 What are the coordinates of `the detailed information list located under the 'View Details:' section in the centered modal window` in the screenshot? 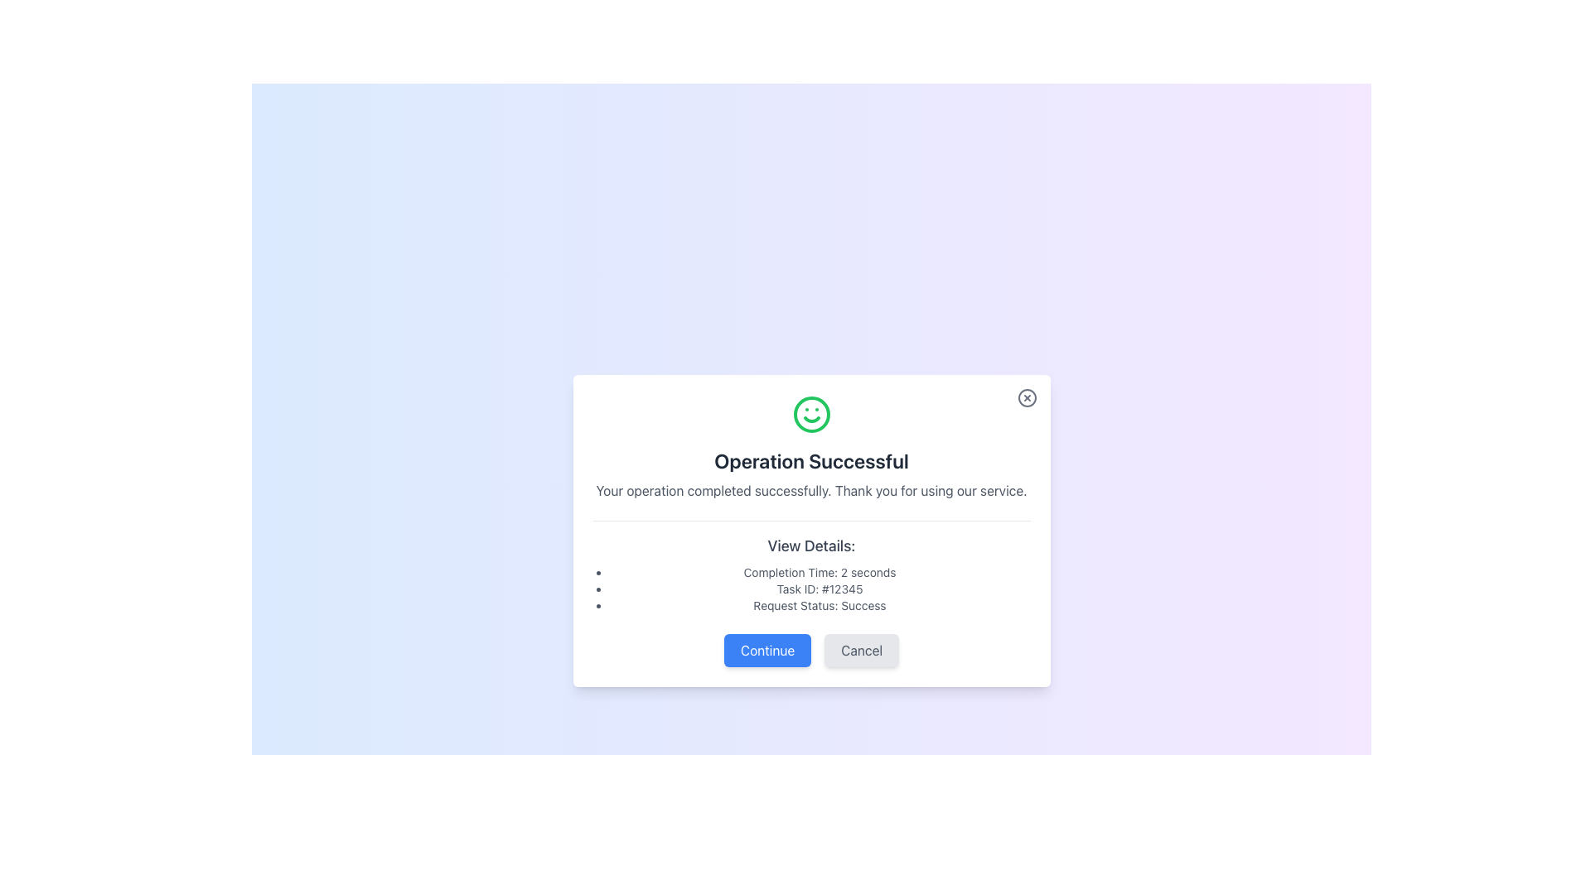 It's located at (811, 588).